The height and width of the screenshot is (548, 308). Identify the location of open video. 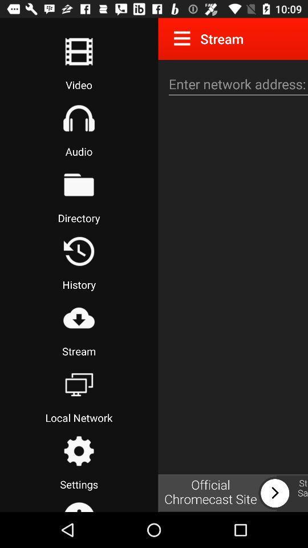
(78, 51).